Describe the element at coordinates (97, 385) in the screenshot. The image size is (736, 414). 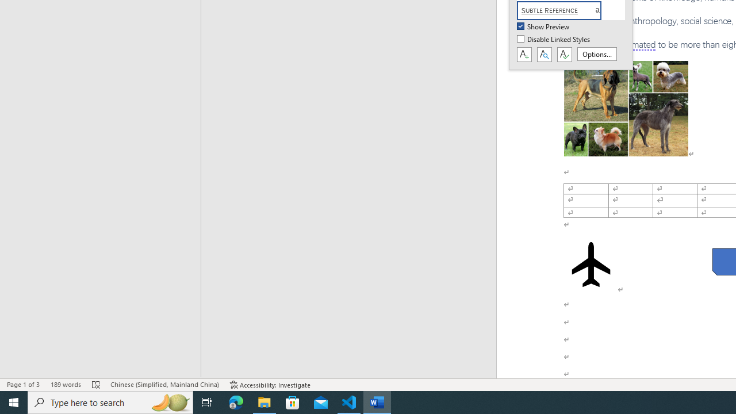
I see `'Spelling and Grammar Check Errors'` at that location.